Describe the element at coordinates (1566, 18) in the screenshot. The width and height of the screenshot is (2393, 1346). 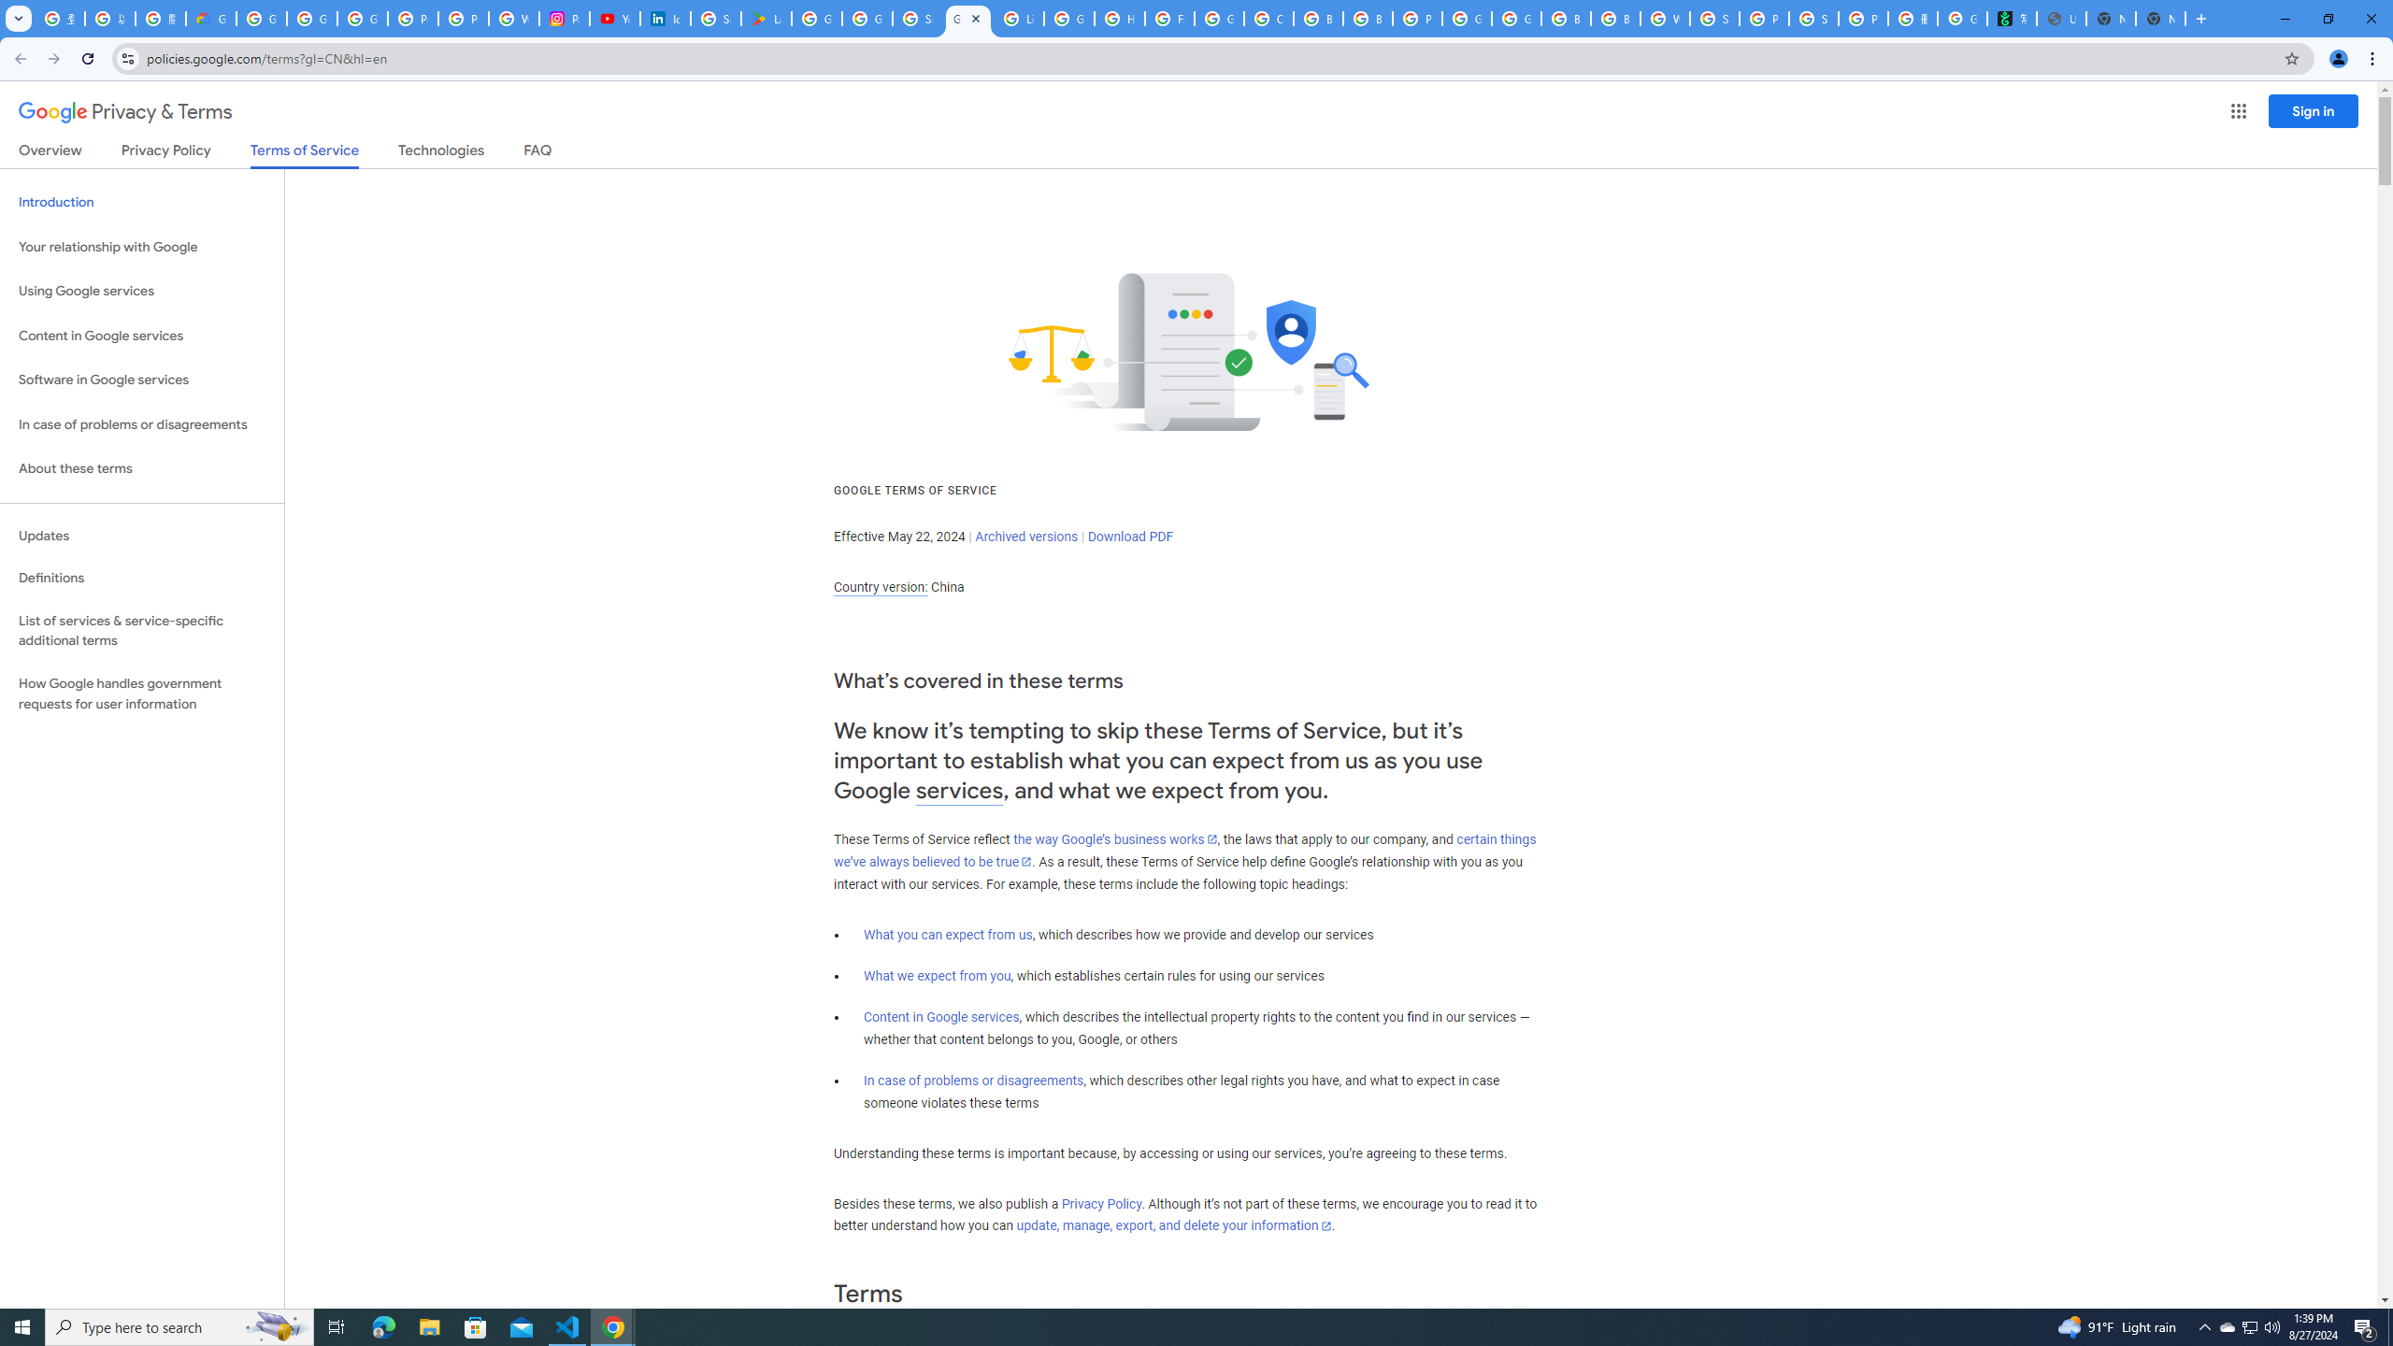
I see `'Browse Chrome as a guest - Computer - Google Chrome Help'` at that location.